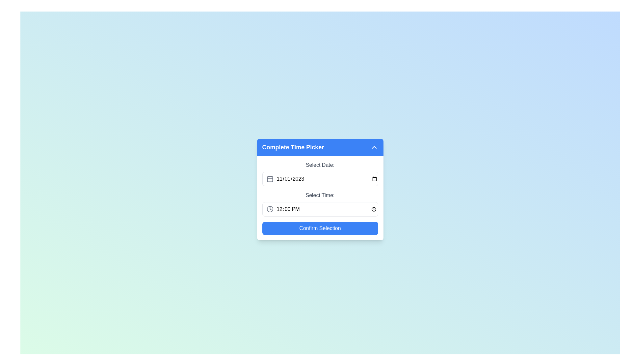 The width and height of the screenshot is (632, 356). I want to click on the header bar displaying 'Complete Time Picker' with a blue background and white text, so click(320, 147).